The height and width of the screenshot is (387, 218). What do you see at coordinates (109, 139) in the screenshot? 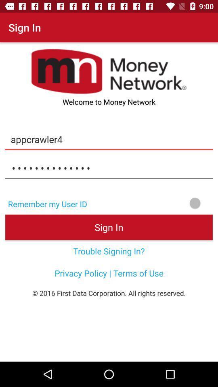
I see `appcrawler4 item` at bounding box center [109, 139].